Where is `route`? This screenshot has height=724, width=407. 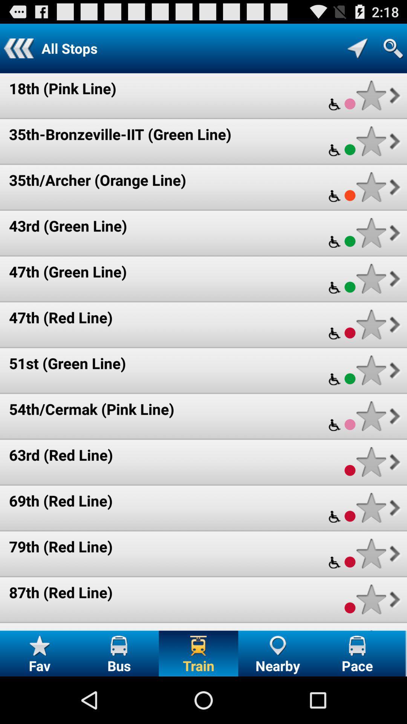 route is located at coordinates (371, 324).